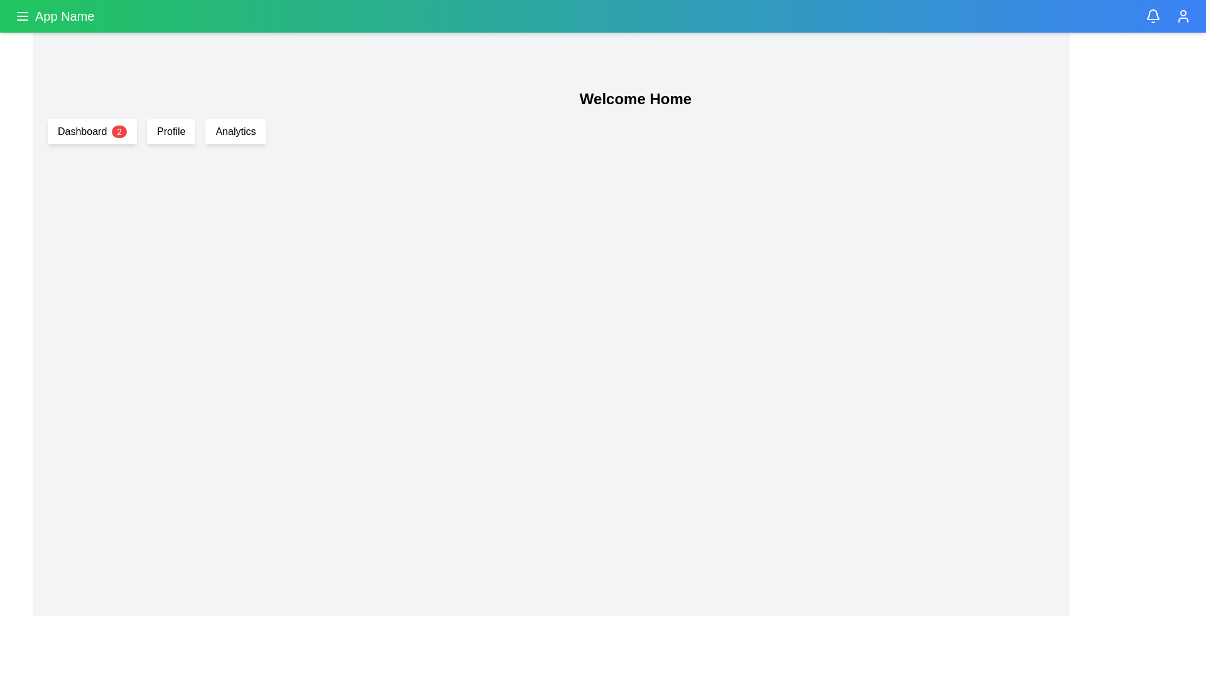  Describe the element at coordinates (22, 16) in the screenshot. I see `the hamburger menu icon button located at the top-left corner of the interface` at that location.